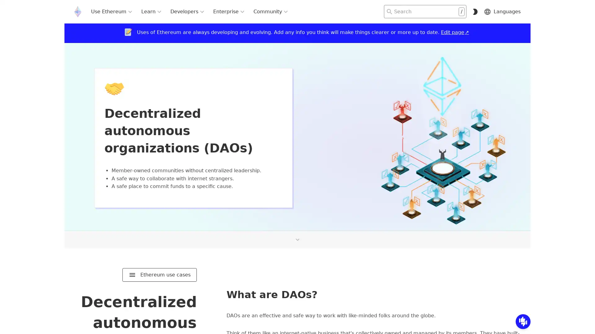 The height and width of the screenshot is (334, 595). Describe the element at coordinates (159, 274) in the screenshot. I see `Ethereum use cases` at that location.